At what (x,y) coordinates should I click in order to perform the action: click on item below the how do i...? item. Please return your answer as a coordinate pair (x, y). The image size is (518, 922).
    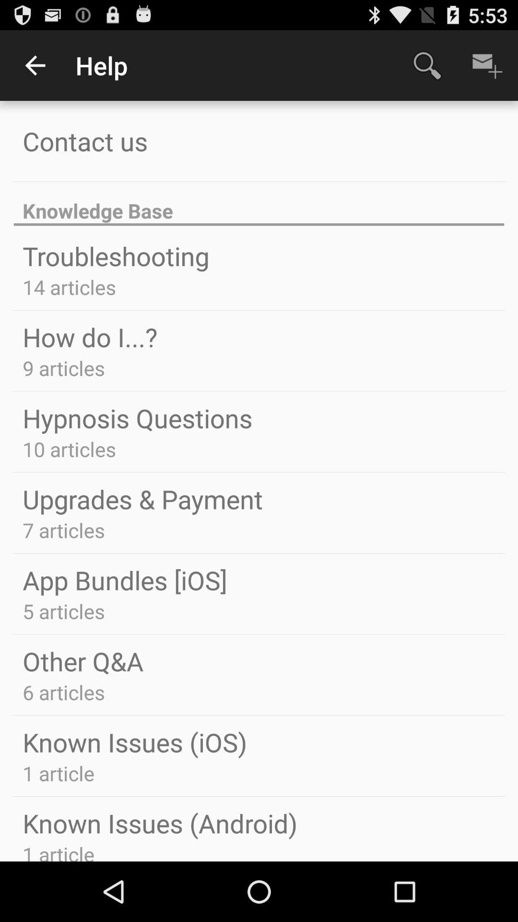
    Looking at the image, I should click on (64, 367).